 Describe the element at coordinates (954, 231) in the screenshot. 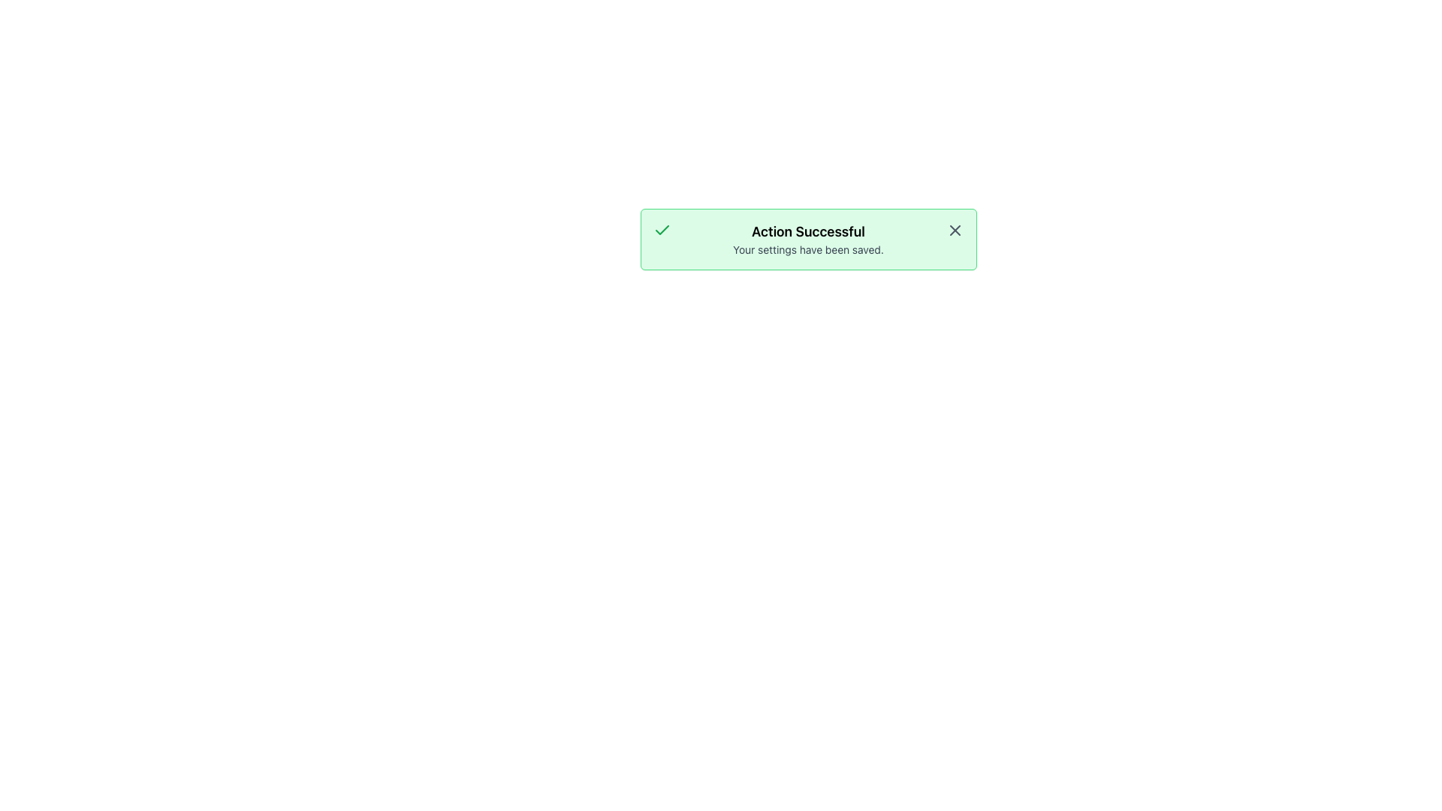

I see `the close icon in the top-right corner of the notification box that displays 'Action Successful' and the message 'Your settings have been saved.'` at that location.